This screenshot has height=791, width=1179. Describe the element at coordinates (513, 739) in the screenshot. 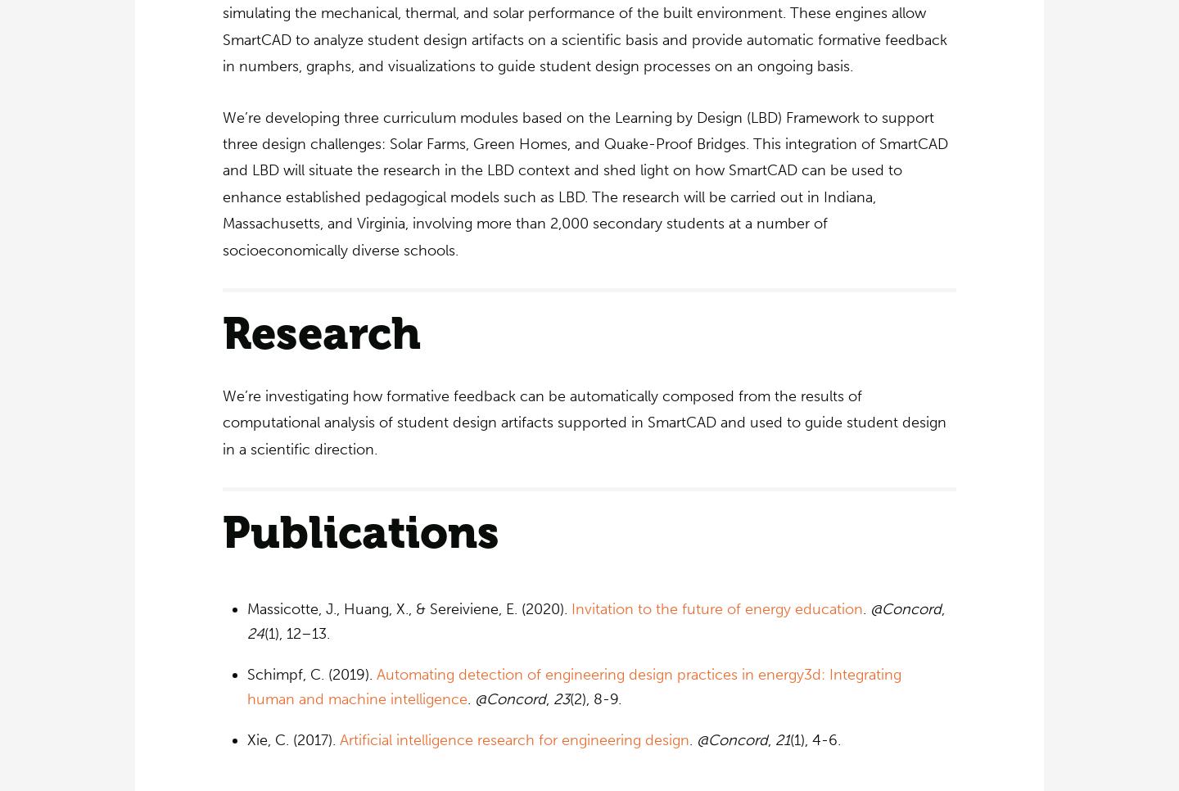

I see `'Artificial intelligence research for engineering design'` at that location.